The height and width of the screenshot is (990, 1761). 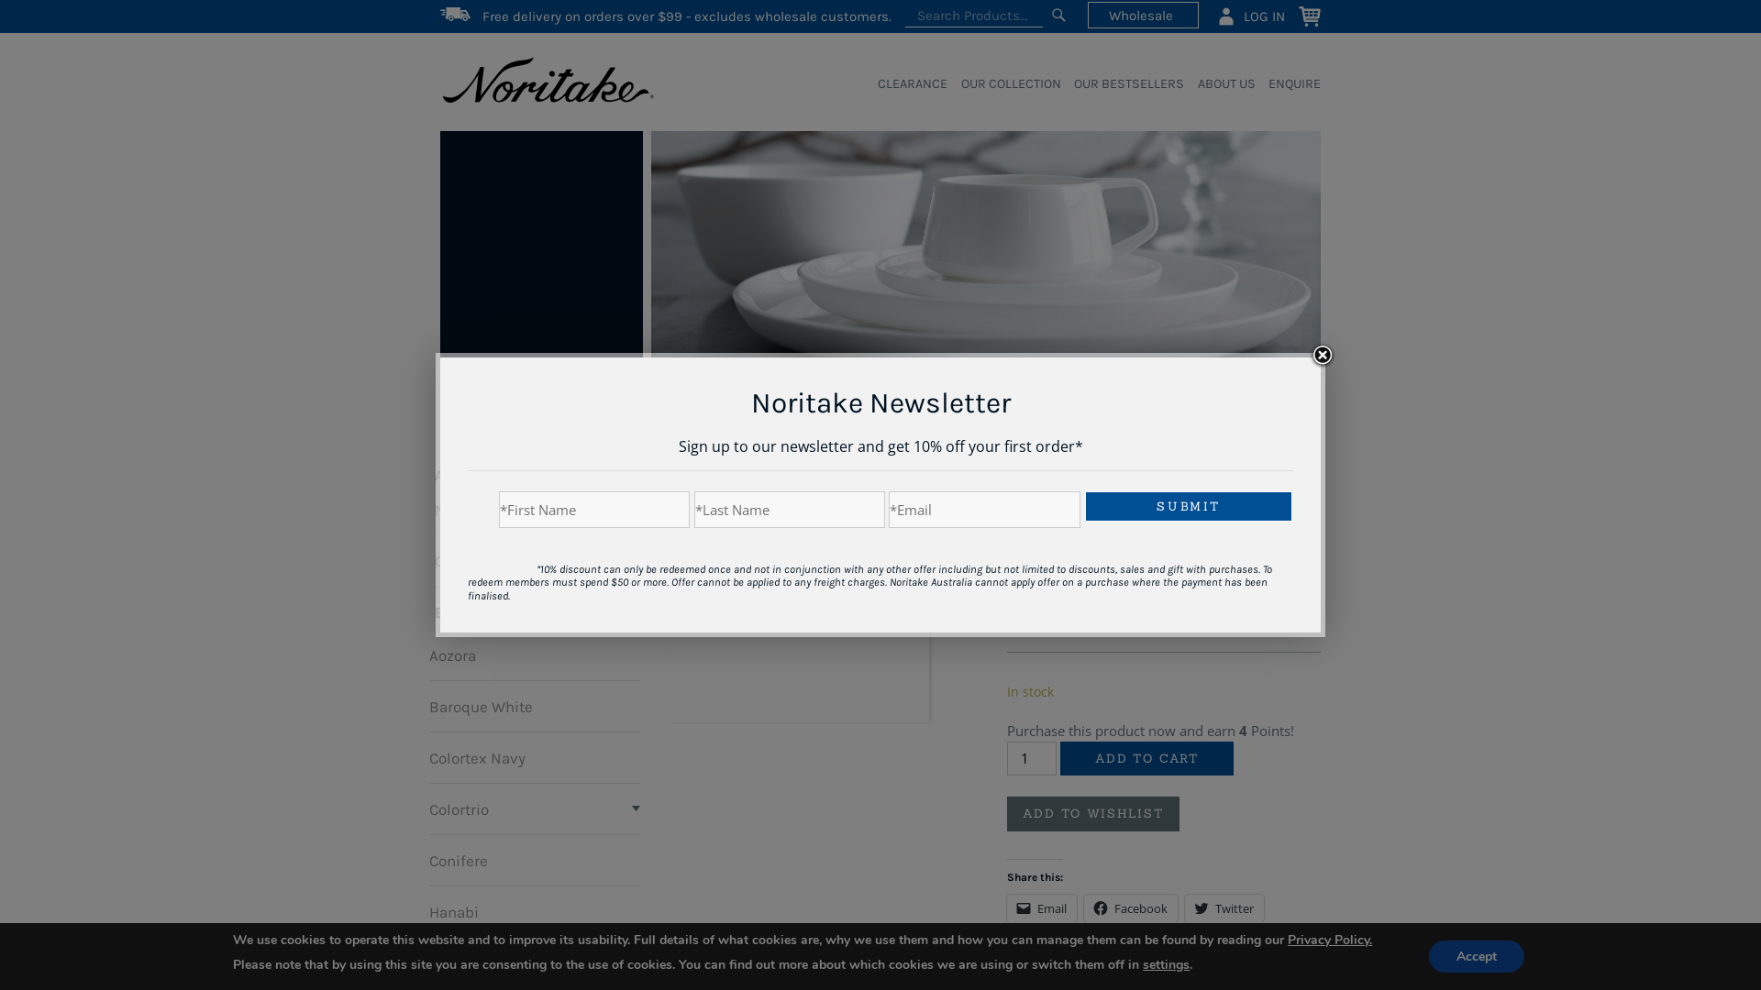 What do you see at coordinates (458, 859) in the screenshot?
I see `'Conifere'` at bounding box center [458, 859].